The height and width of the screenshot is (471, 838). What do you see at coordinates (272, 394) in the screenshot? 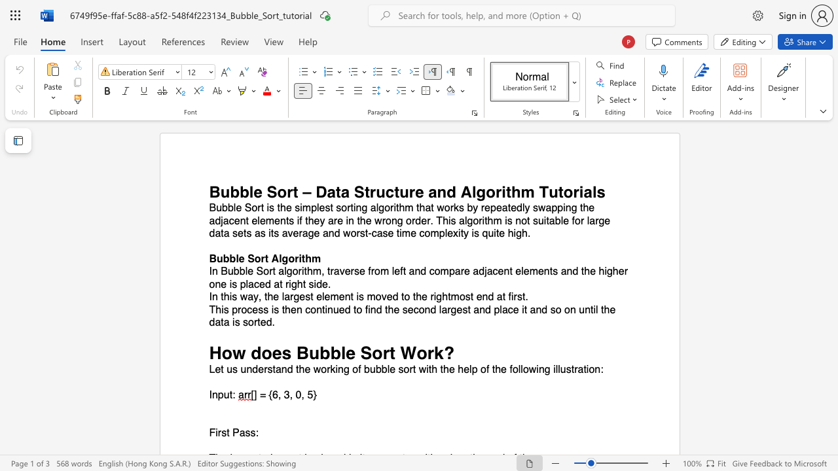
I see `the space between the continuous character "{" and "6" in the text` at bounding box center [272, 394].